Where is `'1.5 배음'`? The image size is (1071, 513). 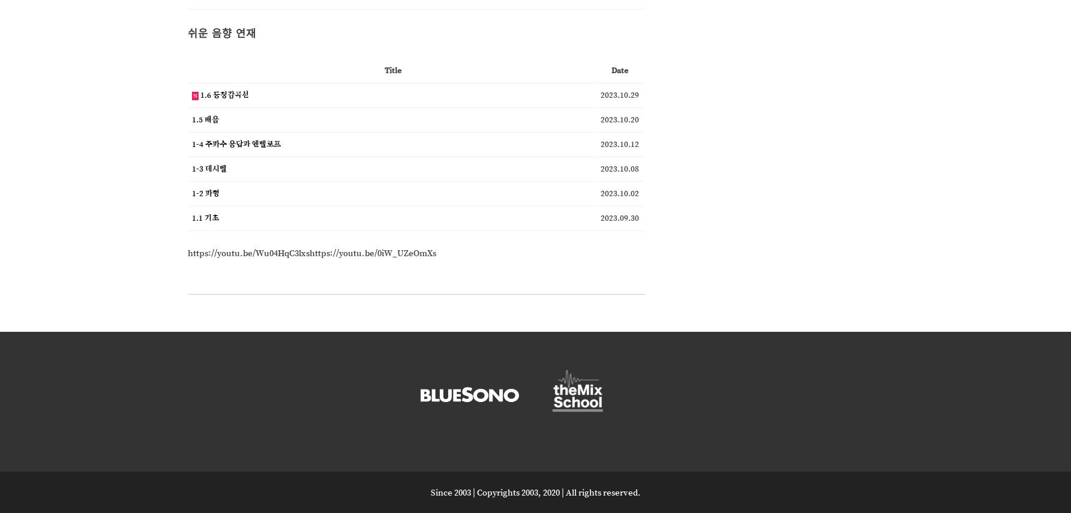
'1.5 배음' is located at coordinates (191, 119).